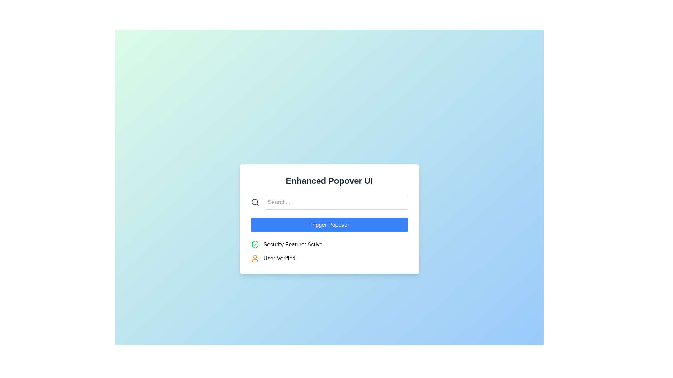 The width and height of the screenshot is (673, 378). Describe the element at coordinates (329, 218) in the screenshot. I see `the 'Trigger Popover' button` at that location.